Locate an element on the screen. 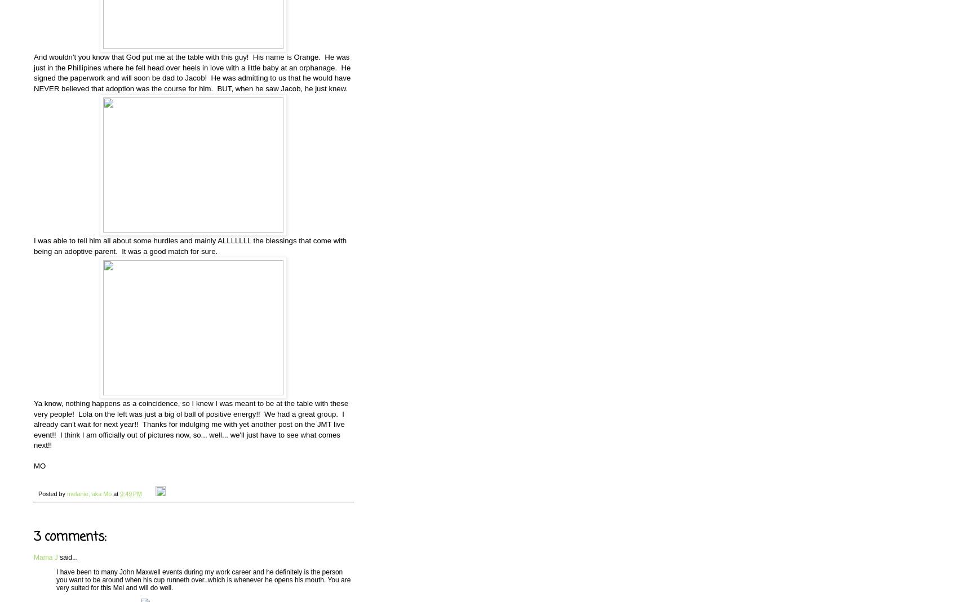 The image size is (958, 602). 'at' is located at coordinates (112, 493).